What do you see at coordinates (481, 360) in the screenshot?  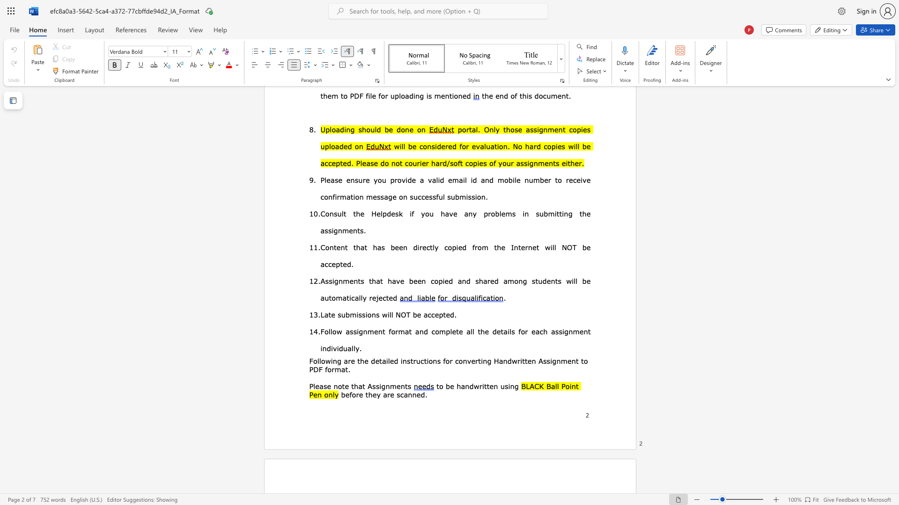 I see `the subset text "in" within the text "converting"` at bounding box center [481, 360].